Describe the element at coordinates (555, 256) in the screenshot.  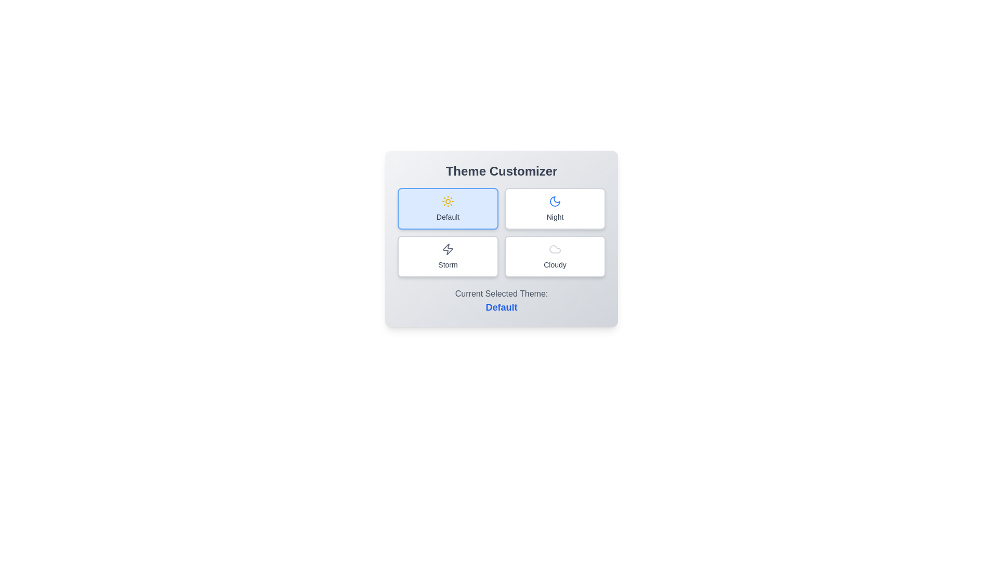
I see `the theme Cloudy by clicking on its corresponding button` at that location.